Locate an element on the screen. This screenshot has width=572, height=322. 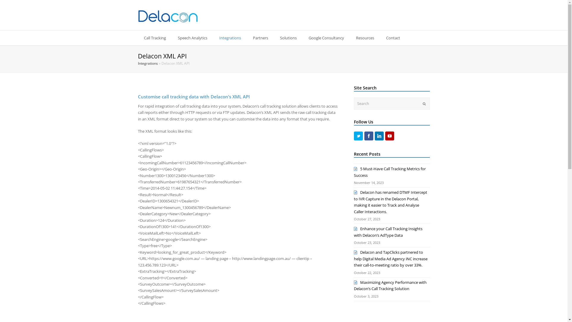
'Facebook' is located at coordinates (369, 136).